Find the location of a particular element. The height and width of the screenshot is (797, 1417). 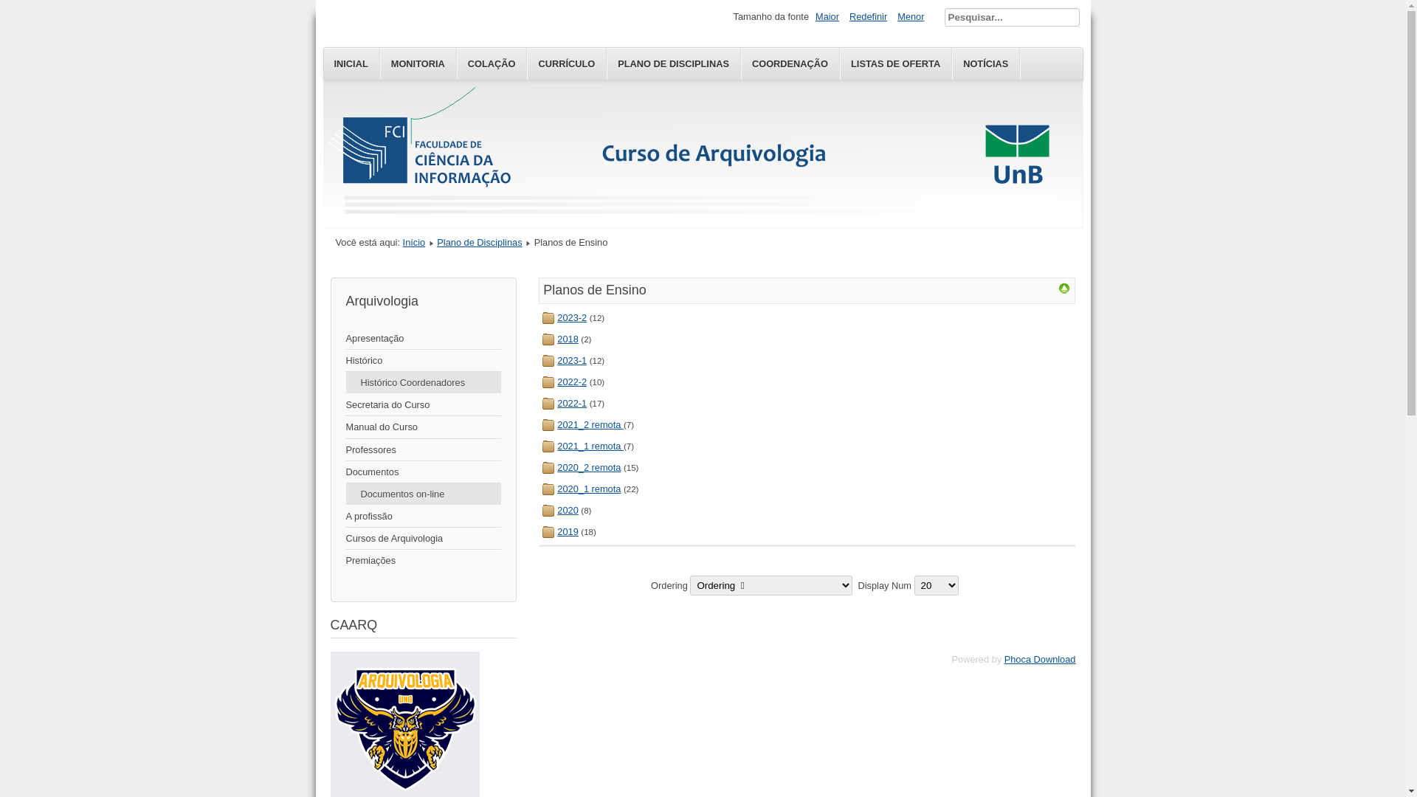

'Maior' is located at coordinates (827, 16).